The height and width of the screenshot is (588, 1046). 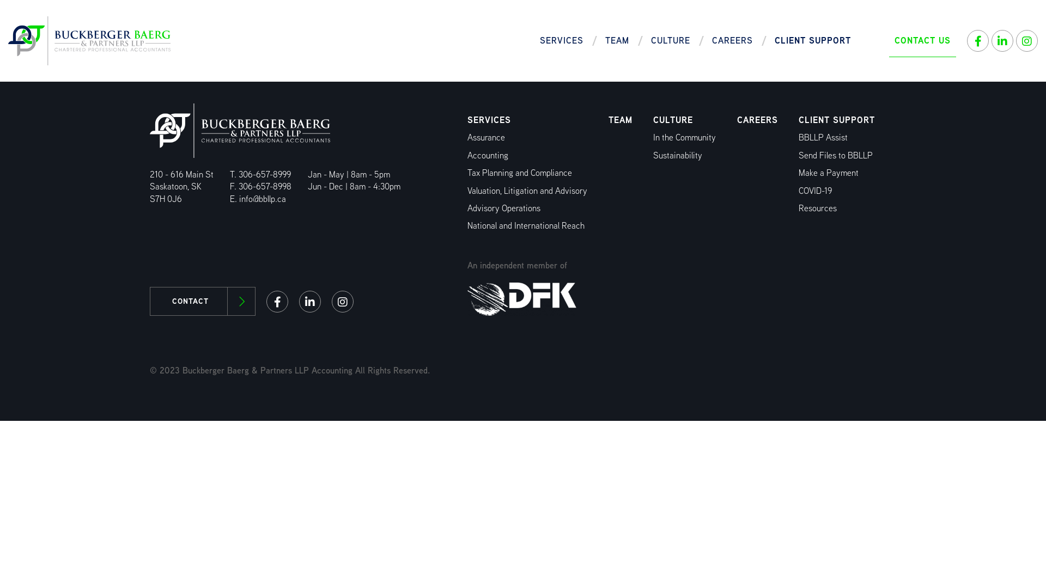 I want to click on '306-657-8998', so click(x=265, y=186).